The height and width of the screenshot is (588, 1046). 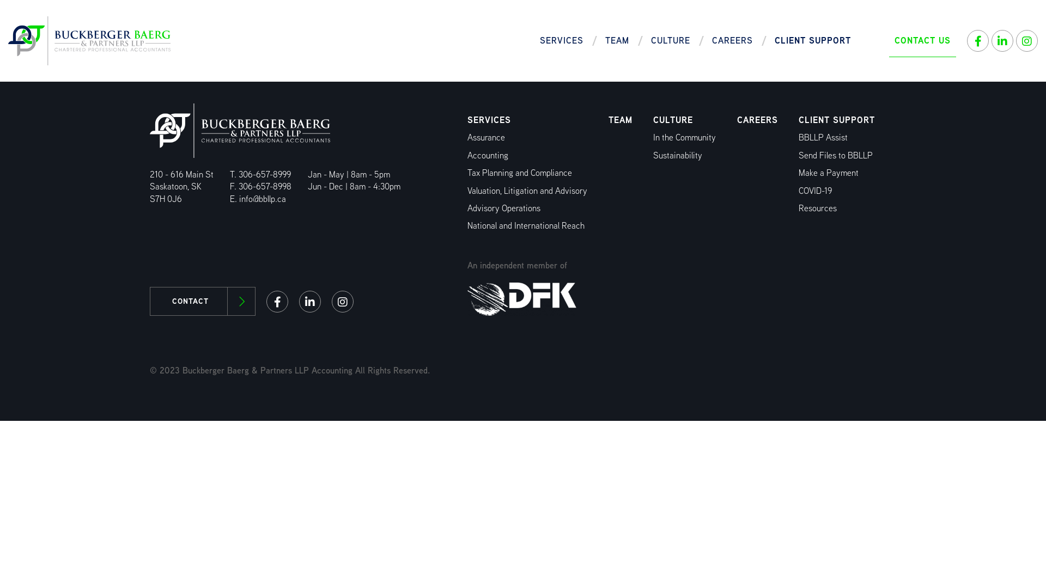 I want to click on '306-657-8998', so click(x=265, y=186).